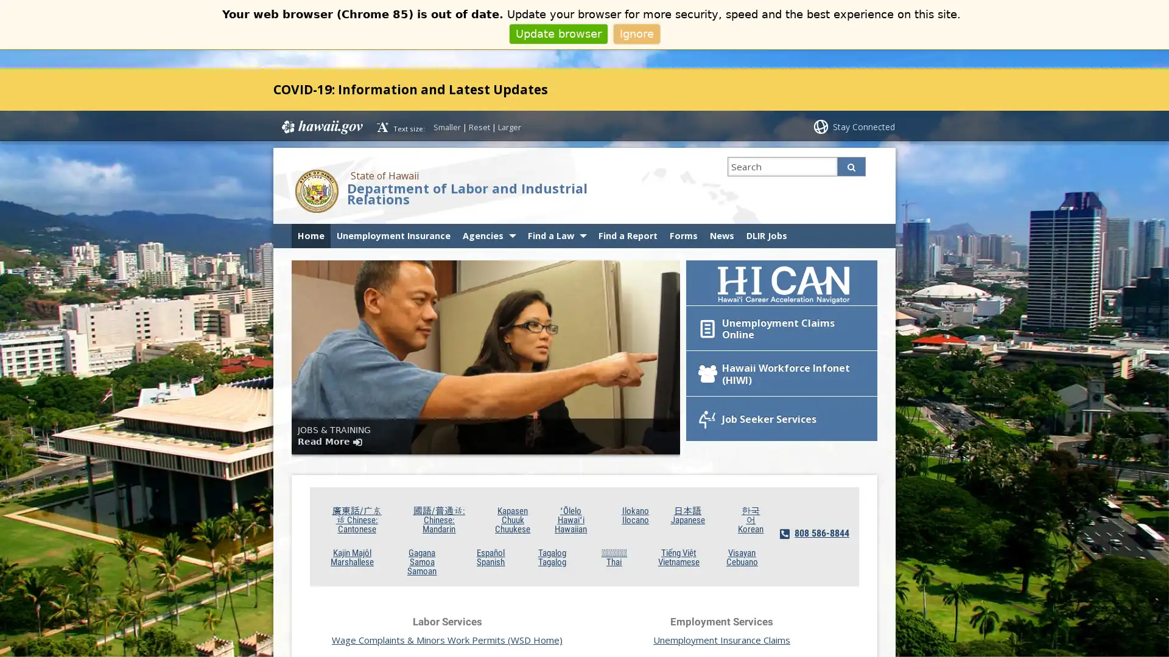 Image resolution: width=1169 pixels, height=657 pixels. I want to click on Japanese, so click(687, 520).